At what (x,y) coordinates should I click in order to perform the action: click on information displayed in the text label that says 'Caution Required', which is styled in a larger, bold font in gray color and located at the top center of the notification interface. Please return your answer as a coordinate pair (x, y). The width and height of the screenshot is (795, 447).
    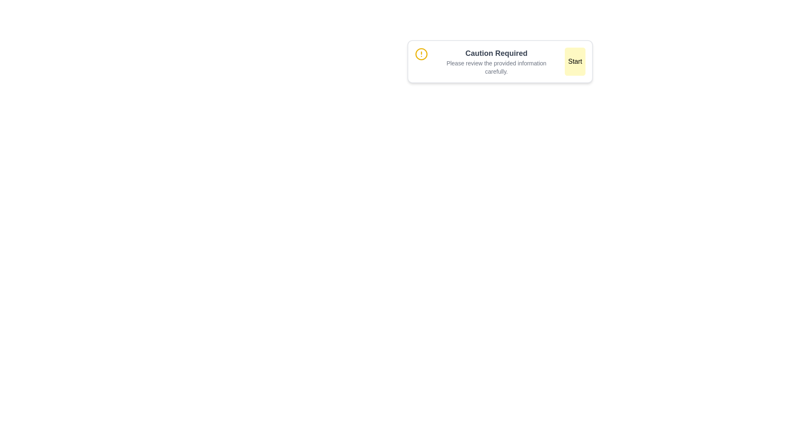
    Looking at the image, I should click on (496, 53).